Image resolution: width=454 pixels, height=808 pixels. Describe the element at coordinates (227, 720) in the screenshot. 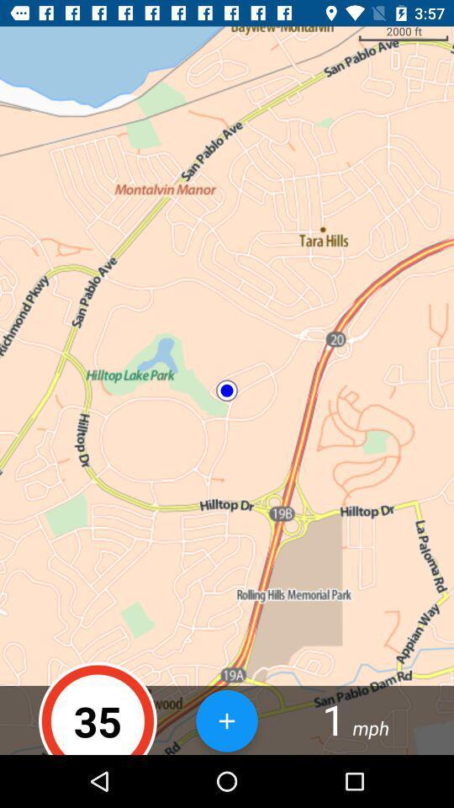

I see `the icon next to 1 item` at that location.